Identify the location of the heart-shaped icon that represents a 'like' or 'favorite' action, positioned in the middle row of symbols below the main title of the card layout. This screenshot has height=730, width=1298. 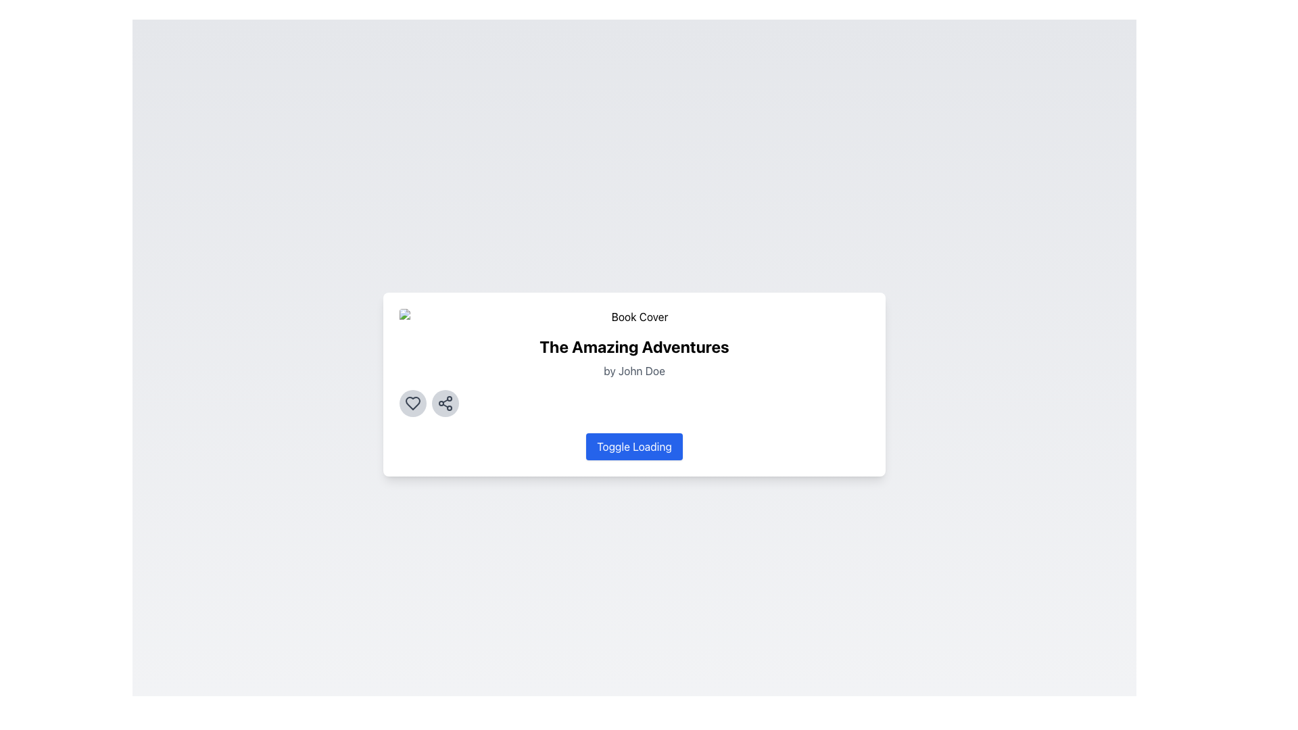
(412, 403).